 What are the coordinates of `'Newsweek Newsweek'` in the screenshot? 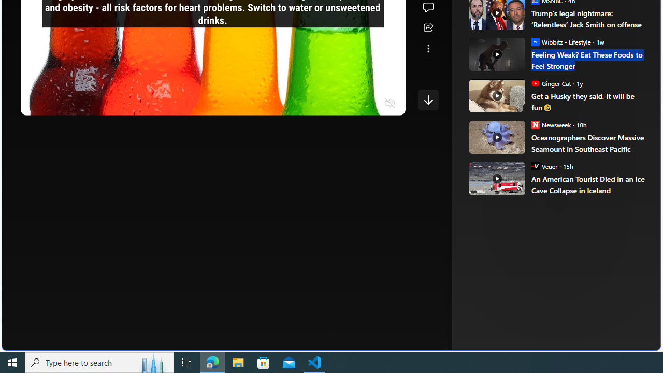 It's located at (551, 124).